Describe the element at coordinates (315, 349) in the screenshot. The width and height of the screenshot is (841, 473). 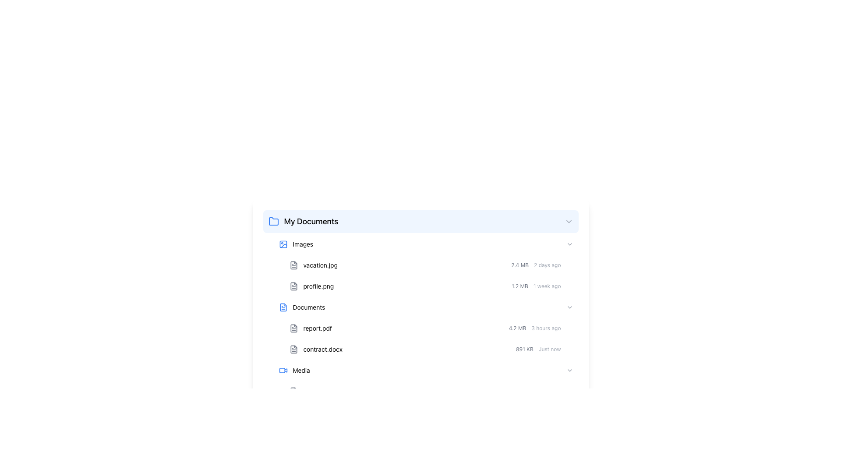
I see `the text label representing the document file named 'contract.docx'` at that location.